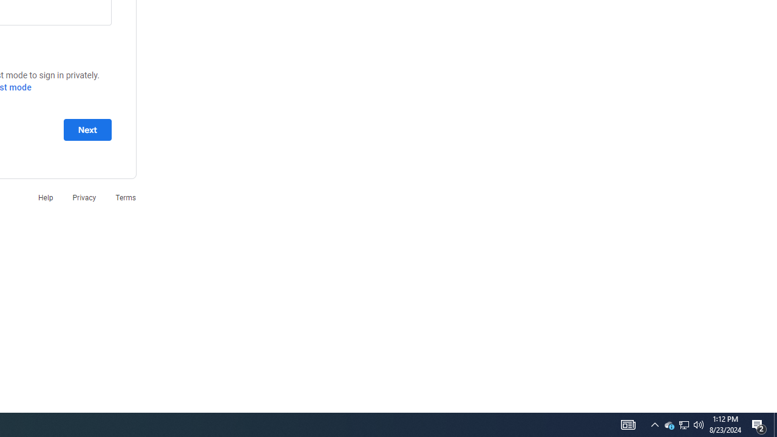 The height and width of the screenshot is (437, 777). What do you see at coordinates (684, 424) in the screenshot?
I see `'User Promoted Notification Area'` at bounding box center [684, 424].